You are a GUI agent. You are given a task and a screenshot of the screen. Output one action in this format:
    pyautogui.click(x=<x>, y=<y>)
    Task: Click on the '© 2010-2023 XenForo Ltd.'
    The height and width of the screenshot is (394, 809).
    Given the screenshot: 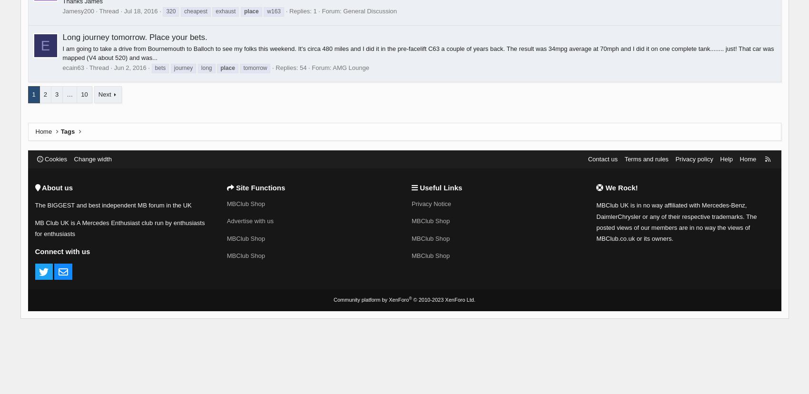 What is the action you would take?
    pyautogui.click(x=444, y=300)
    